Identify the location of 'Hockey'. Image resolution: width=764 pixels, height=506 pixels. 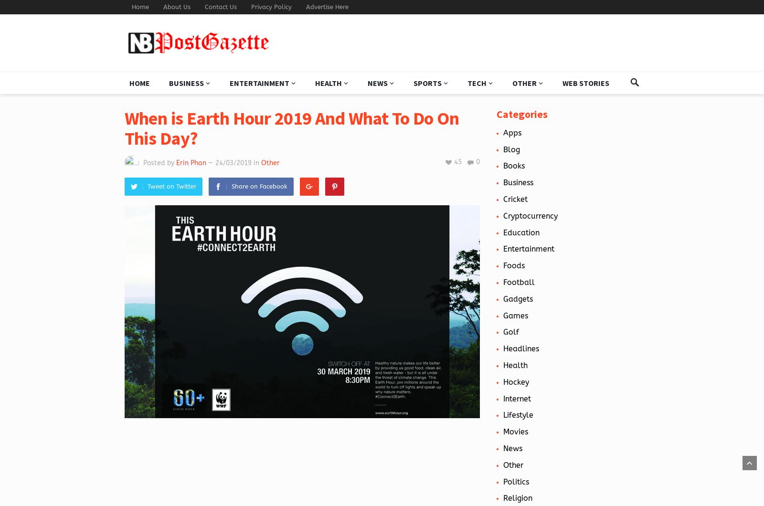
(516, 381).